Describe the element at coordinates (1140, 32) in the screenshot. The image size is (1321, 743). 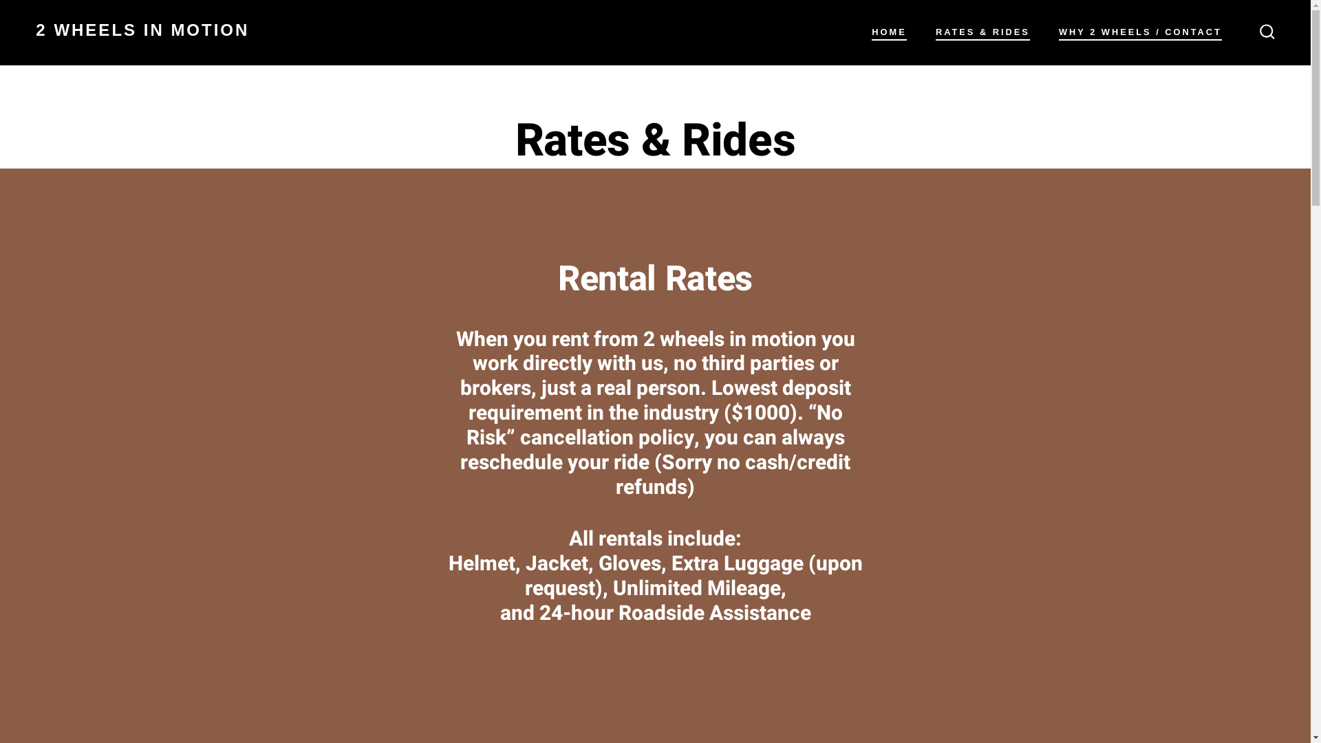
I see `'WHY 2 WHEELS / CONTACT'` at that location.